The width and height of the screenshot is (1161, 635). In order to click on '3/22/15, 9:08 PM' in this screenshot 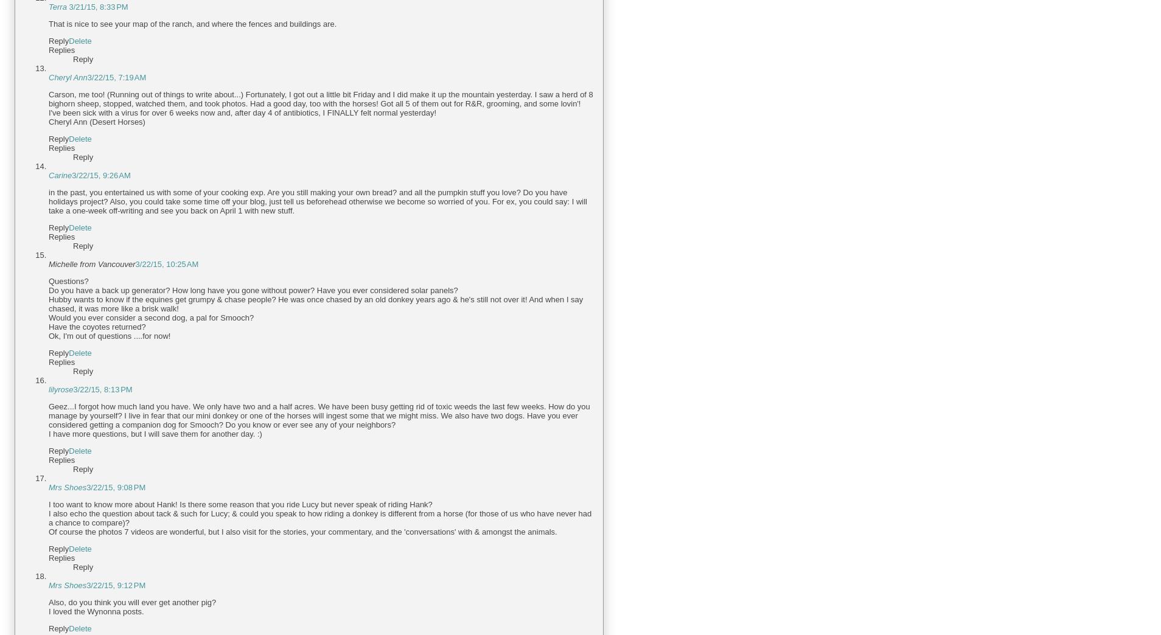, I will do `click(115, 487)`.